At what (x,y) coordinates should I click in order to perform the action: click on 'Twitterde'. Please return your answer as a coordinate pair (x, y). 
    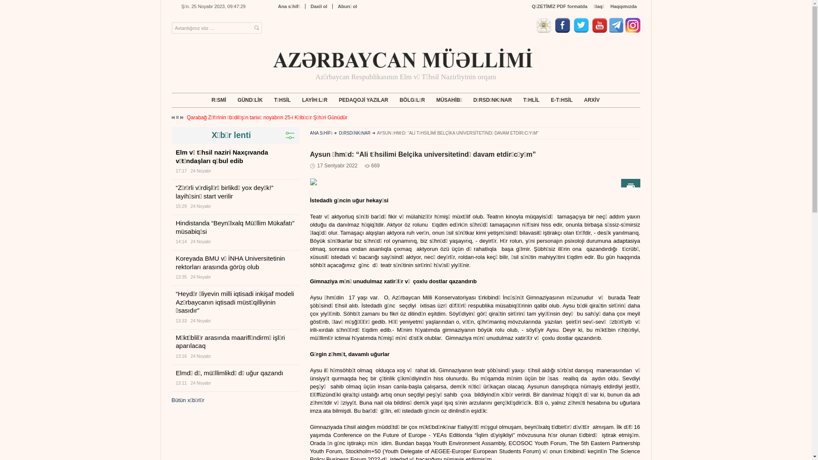
    Looking at the image, I should click on (582, 30).